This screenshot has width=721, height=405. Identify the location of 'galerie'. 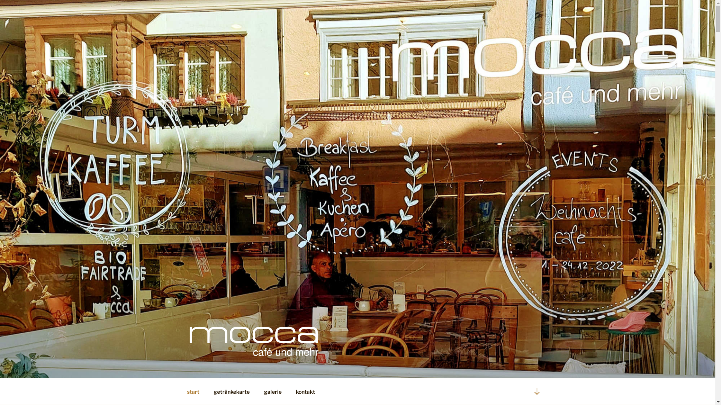
(258, 391).